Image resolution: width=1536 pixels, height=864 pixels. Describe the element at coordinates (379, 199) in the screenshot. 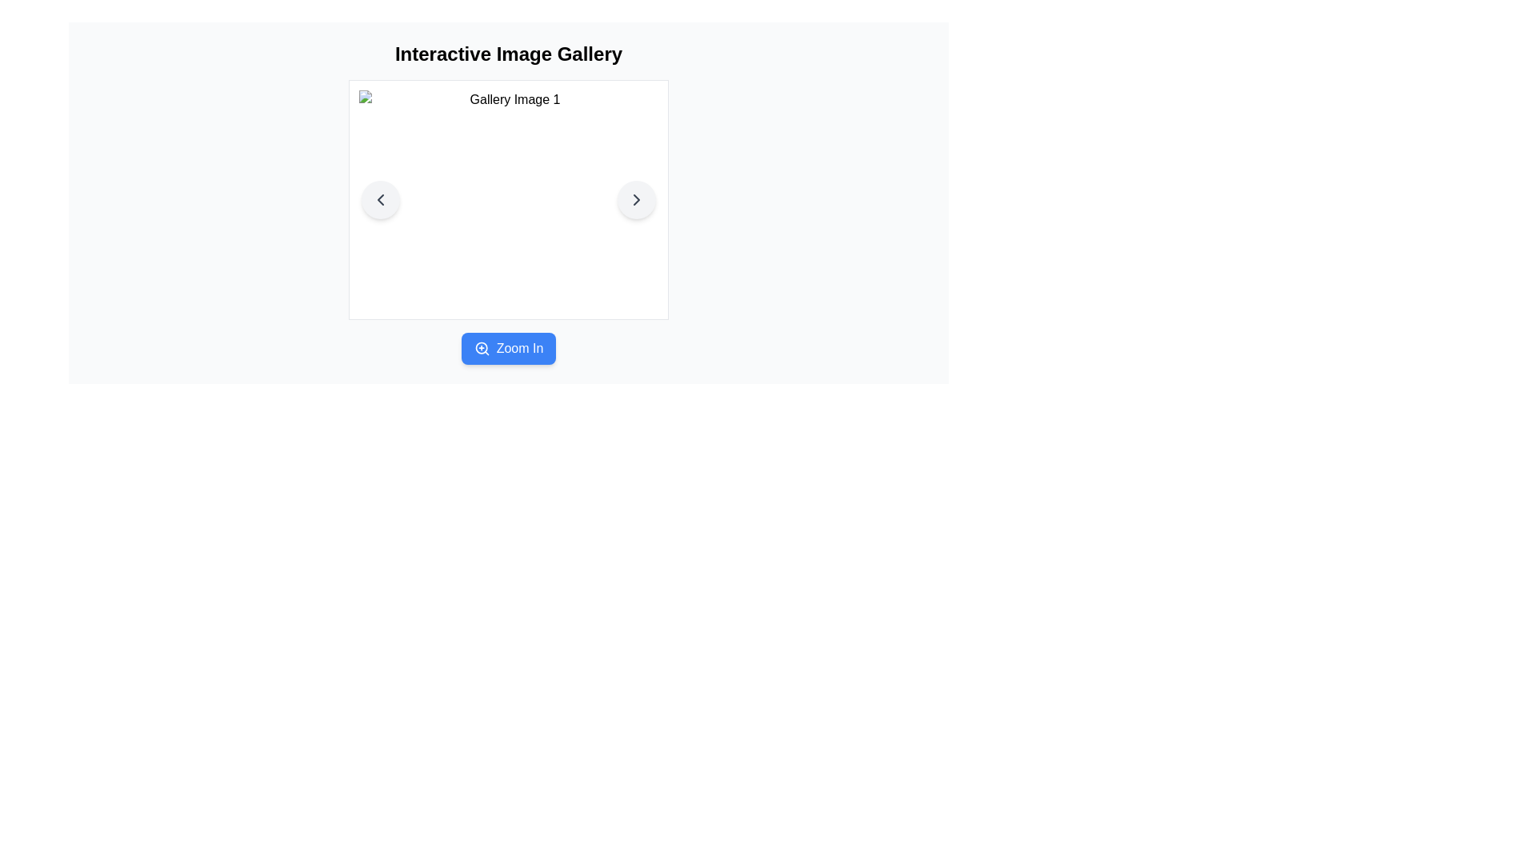

I see `the left-pointing chevron icon button styled with a rounded background` at that location.